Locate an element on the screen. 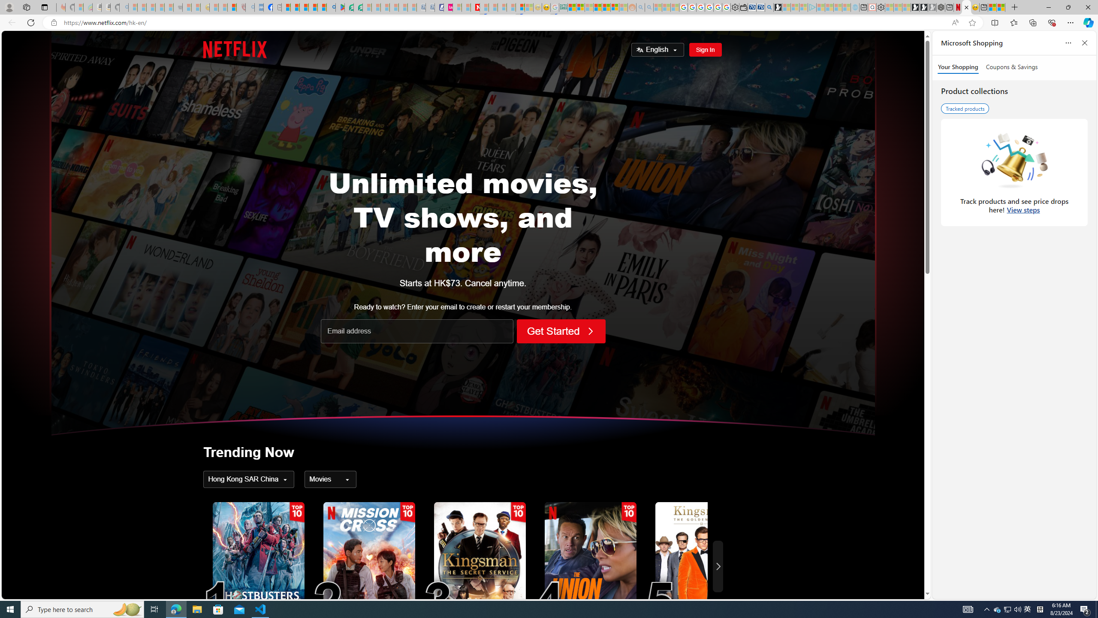 This screenshot has width=1098, height=618. 'Kingsman: The Secret Service 3' is located at coordinates (479, 566).